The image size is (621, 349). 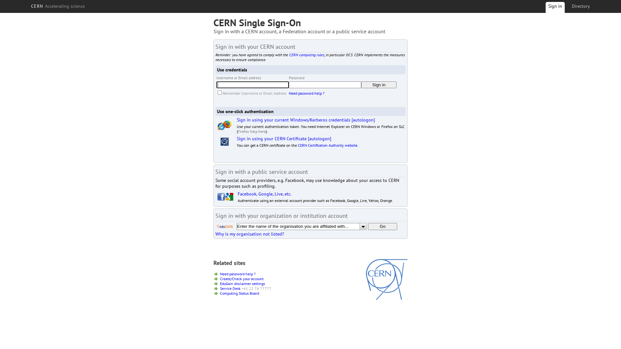 I want to click on 'Sign in using your CERN Certificate', so click(x=236, y=138).